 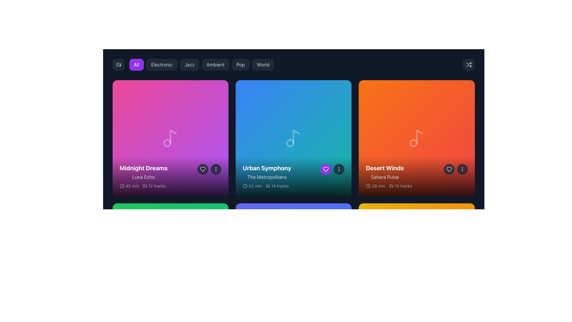 What do you see at coordinates (400, 186) in the screenshot?
I see `number of tracks indicated by the informational text '10 tracks' located in the bottom-right section of the orange card titled 'Desert Winds'` at bounding box center [400, 186].